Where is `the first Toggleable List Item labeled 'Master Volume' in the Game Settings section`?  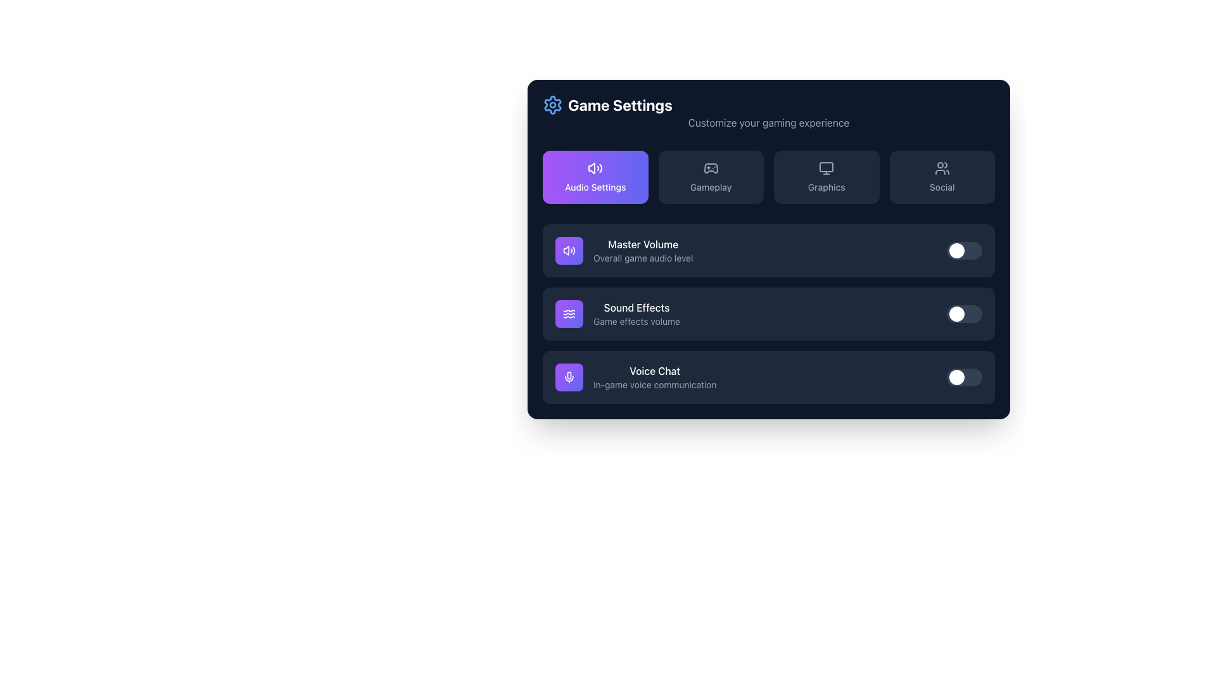
the first Toggleable List Item labeled 'Master Volume' in the Game Settings section is located at coordinates (768, 251).